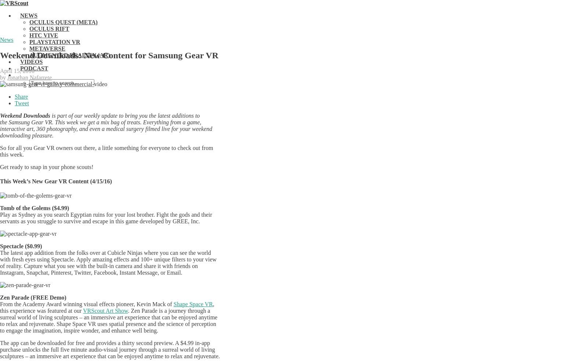  Describe the element at coordinates (101, 121) in the screenshot. I see `'is part of our weekly update to bring you the latest additions to the Samsung Gear VR. This week we get a mix bag of treats. Everything from a game, interactive art, 360 photography, and even a medical surgery filmed live'` at that location.